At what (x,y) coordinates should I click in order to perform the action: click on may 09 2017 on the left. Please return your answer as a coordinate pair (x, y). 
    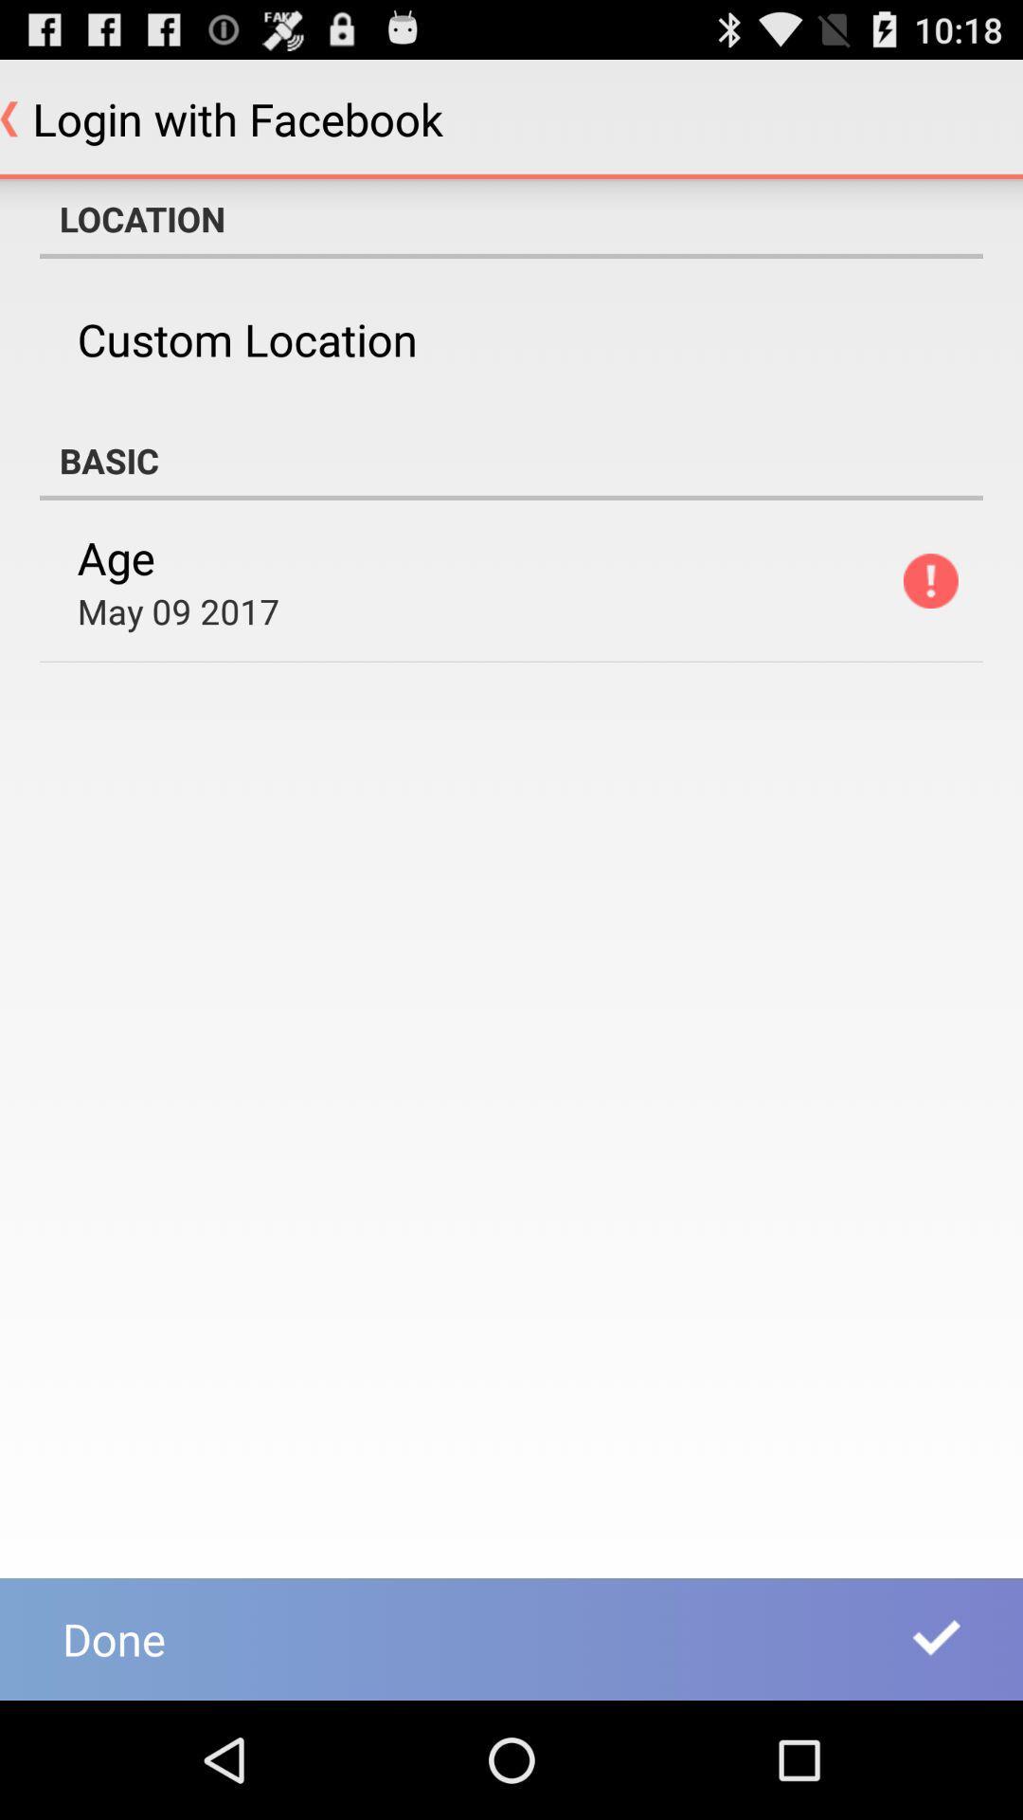
    Looking at the image, I should click on (178, 610).